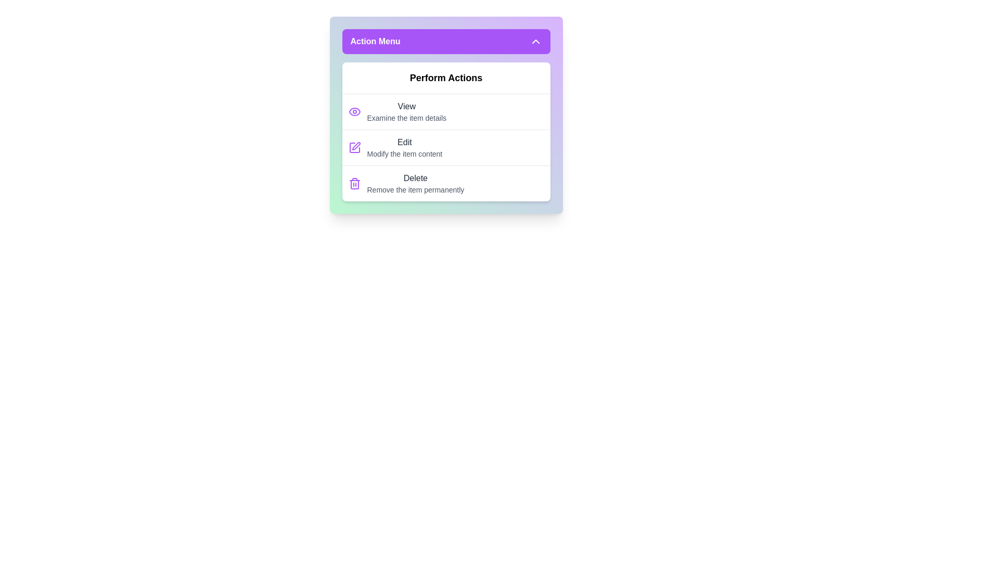  What do you see at coordinates (446, 41) in the screenshot?
I see `the 'Action Menu' button to collapse the menu` at bounding box center [446, 41].